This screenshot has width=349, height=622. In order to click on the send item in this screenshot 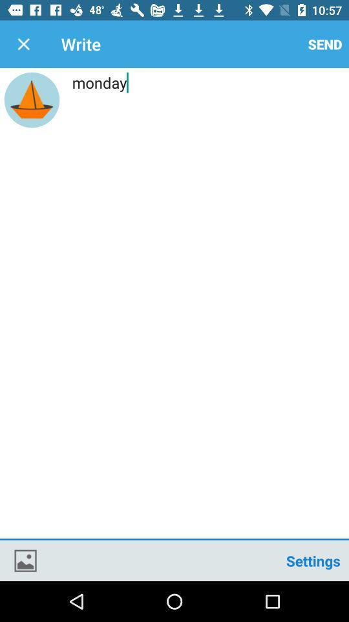, I will do `click(324, 44)`.